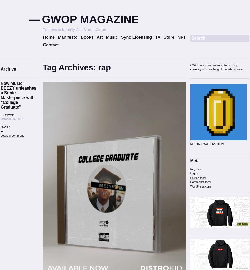 The height and width of the screenshot is (270, 250). Describe the element at coordinates (12, 118) in the screenshot. I see `'October 29, 2023'` at that location.